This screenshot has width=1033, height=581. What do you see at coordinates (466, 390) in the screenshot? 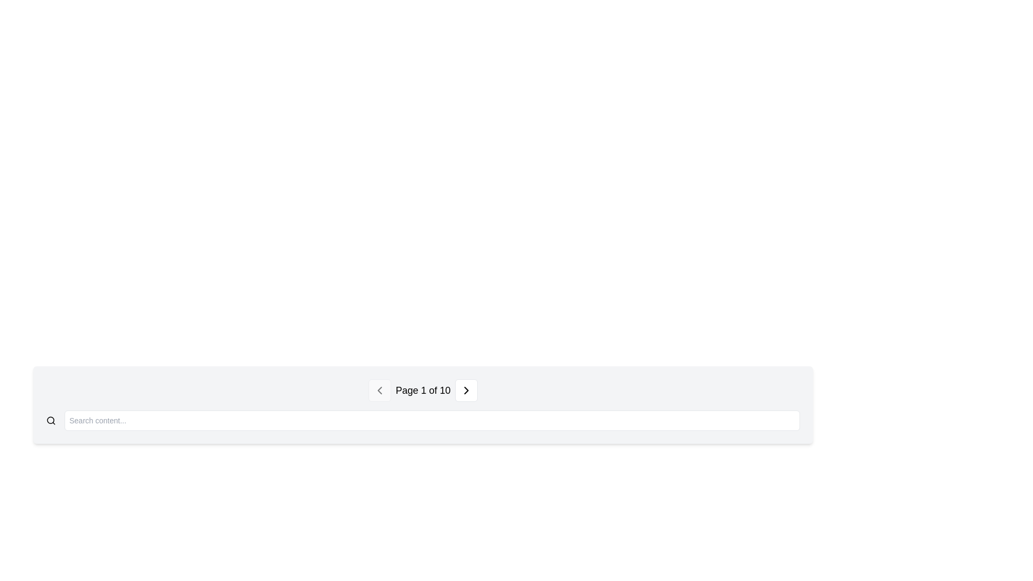
I see `the right-pointing chevron button with a white background located to the right of 'Page 1 of 10' to go to the next page` at bounding box center [466, 390].